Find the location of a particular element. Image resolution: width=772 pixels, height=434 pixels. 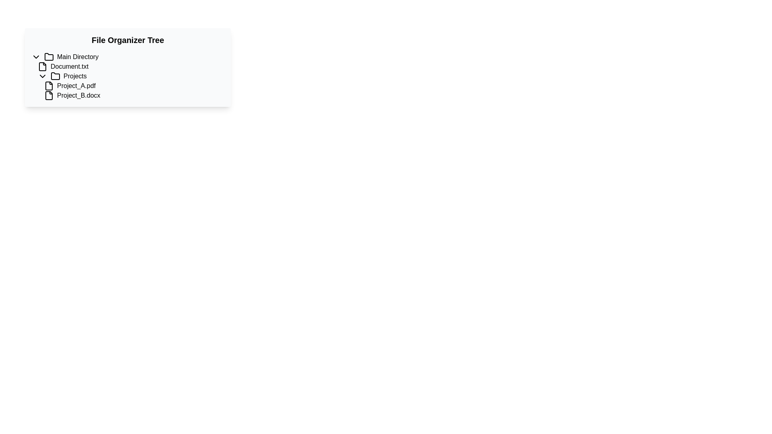

the downward-pointing chevron icon adjacent to the 'Main Directory' text for focus indication is located at coordinates (36, 57).